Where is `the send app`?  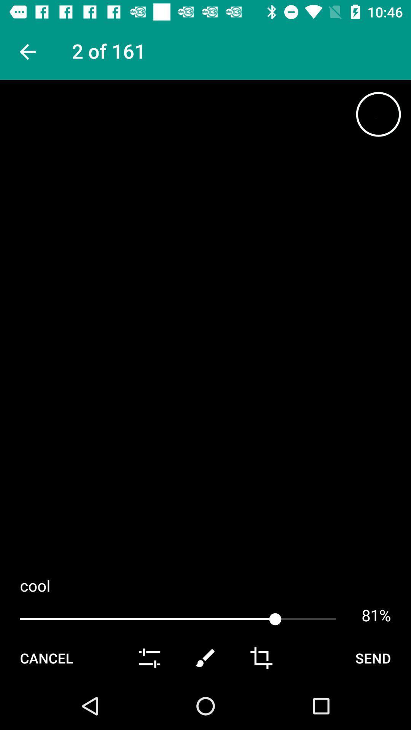
the send app is located at coordinates (373, 658).